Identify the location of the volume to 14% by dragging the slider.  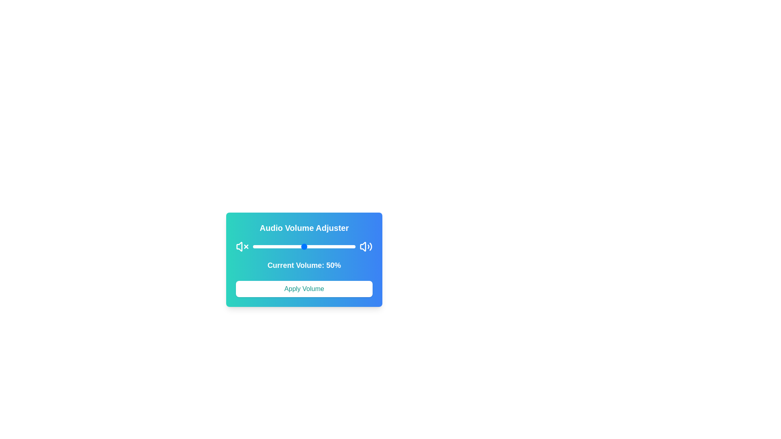
(267, 246).